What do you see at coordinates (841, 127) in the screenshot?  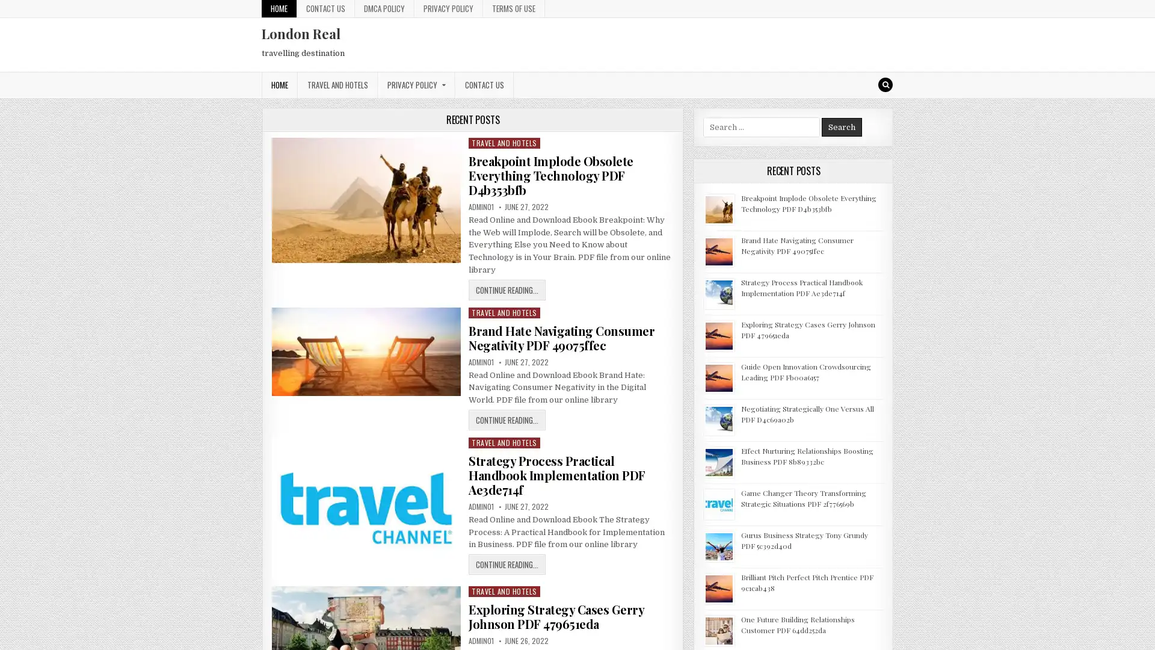 I see `Search` at bounding box center [841, 127].